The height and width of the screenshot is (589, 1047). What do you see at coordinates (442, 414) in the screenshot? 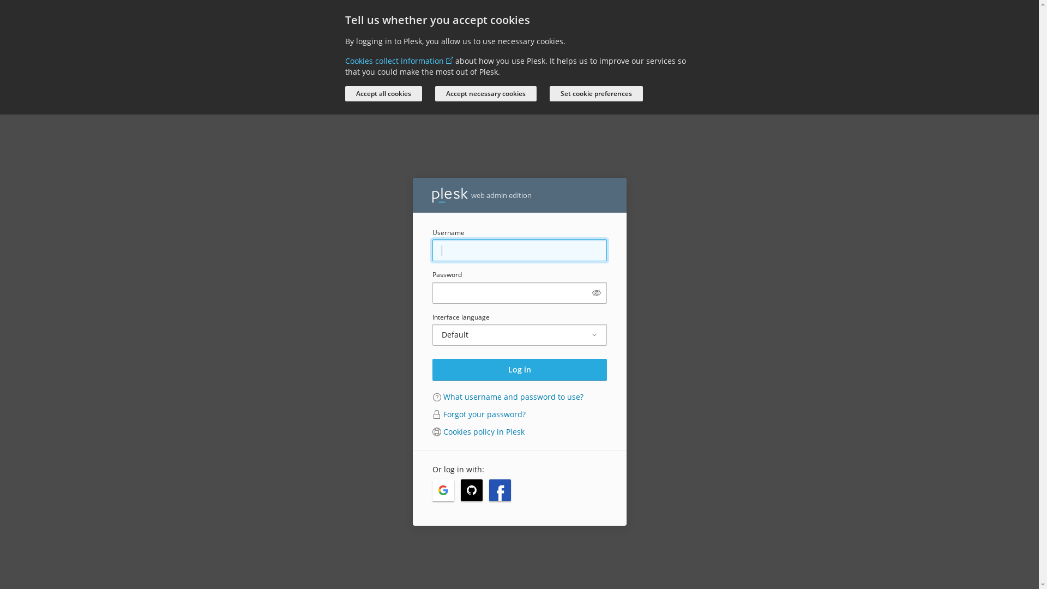
I see `'Forgot your password?'` at bounding box center [442, 414].